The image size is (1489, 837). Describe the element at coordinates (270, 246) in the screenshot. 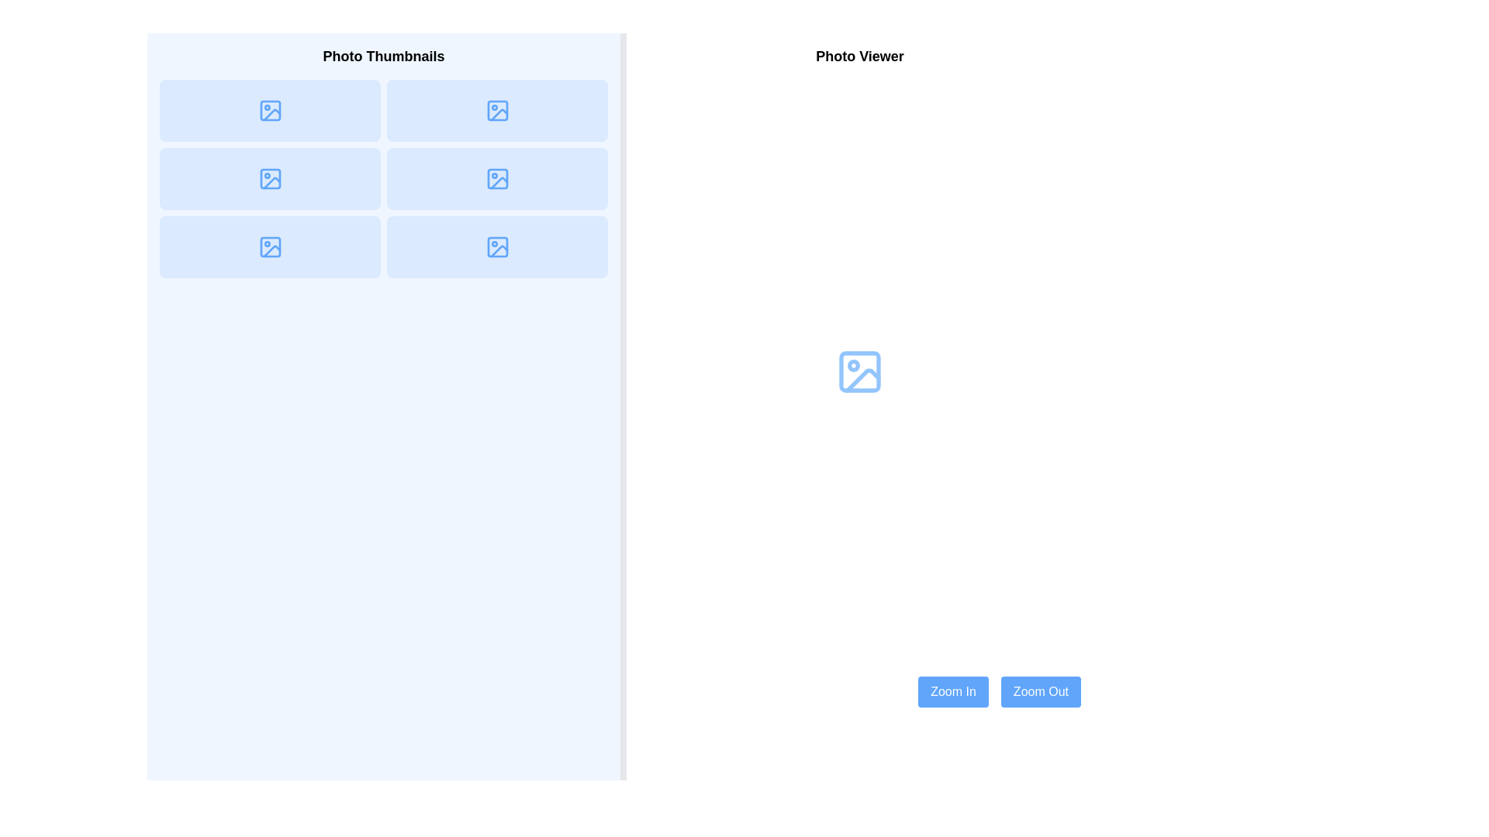

I see `on the Graphic placeholder in the third row, leftmost position of the Photo Thumbnails panel` at that location.